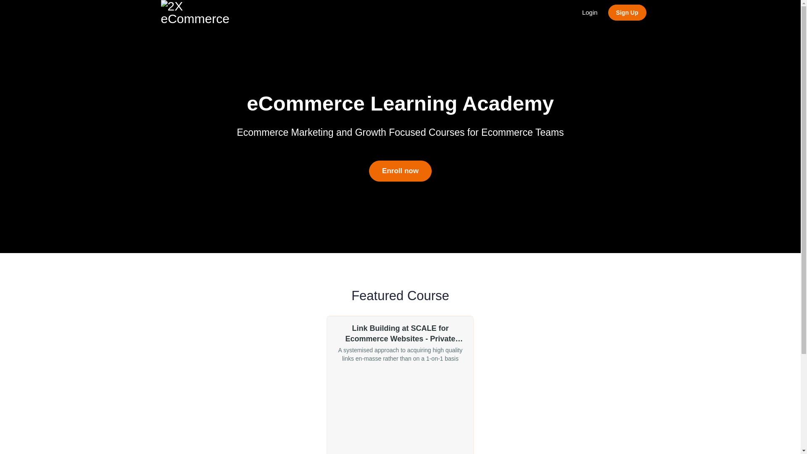  I want to click on 'Login', so click(589, 13).